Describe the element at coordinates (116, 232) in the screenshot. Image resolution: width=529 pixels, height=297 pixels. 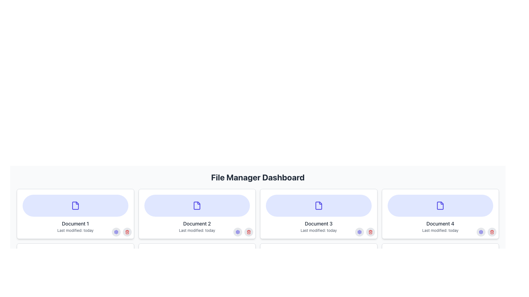
I see `the settings button located in the bottom-right corner of the first document card` at that location.